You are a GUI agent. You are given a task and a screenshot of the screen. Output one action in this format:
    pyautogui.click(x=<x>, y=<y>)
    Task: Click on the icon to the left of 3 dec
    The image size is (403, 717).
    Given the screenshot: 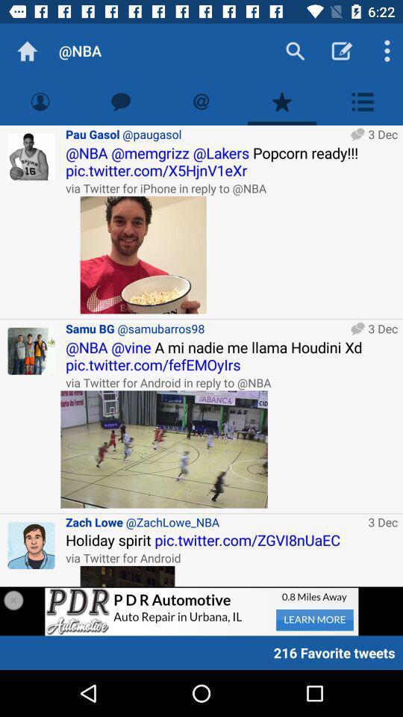 What is the action you would take?
    pyautogui.click(x=163, y=448)
    